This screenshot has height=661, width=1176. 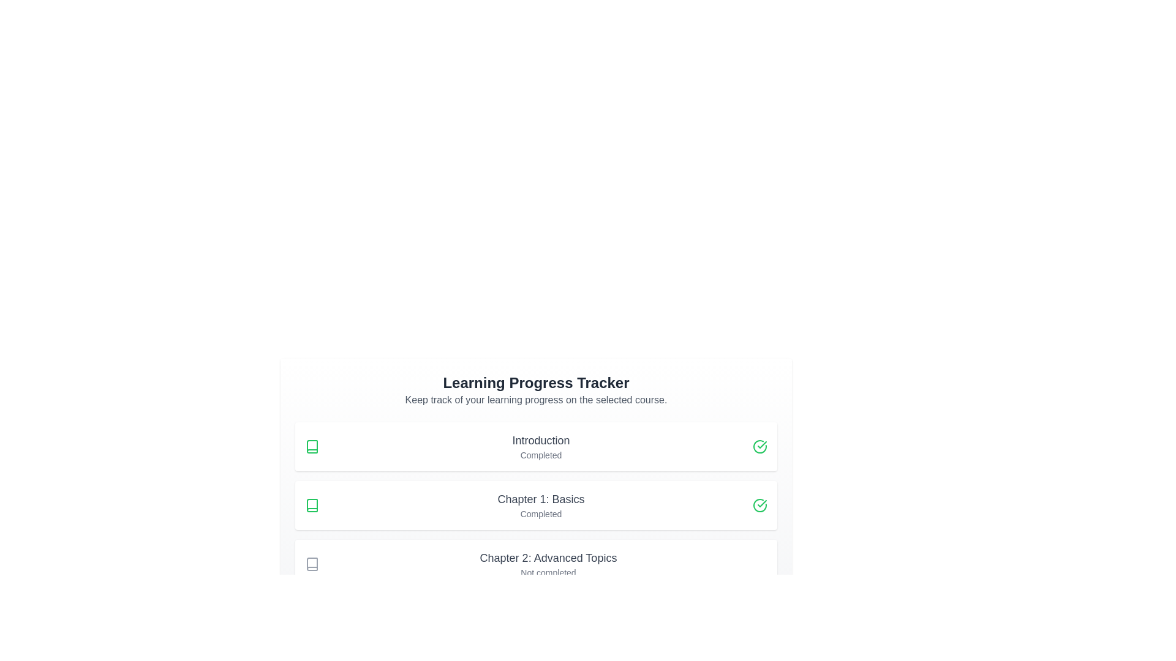 I want to click on the circular completion indicator icon located to the right of the 'Chapter 1: Basics' list item in the progress tracker section, so click(x=759, y=505).